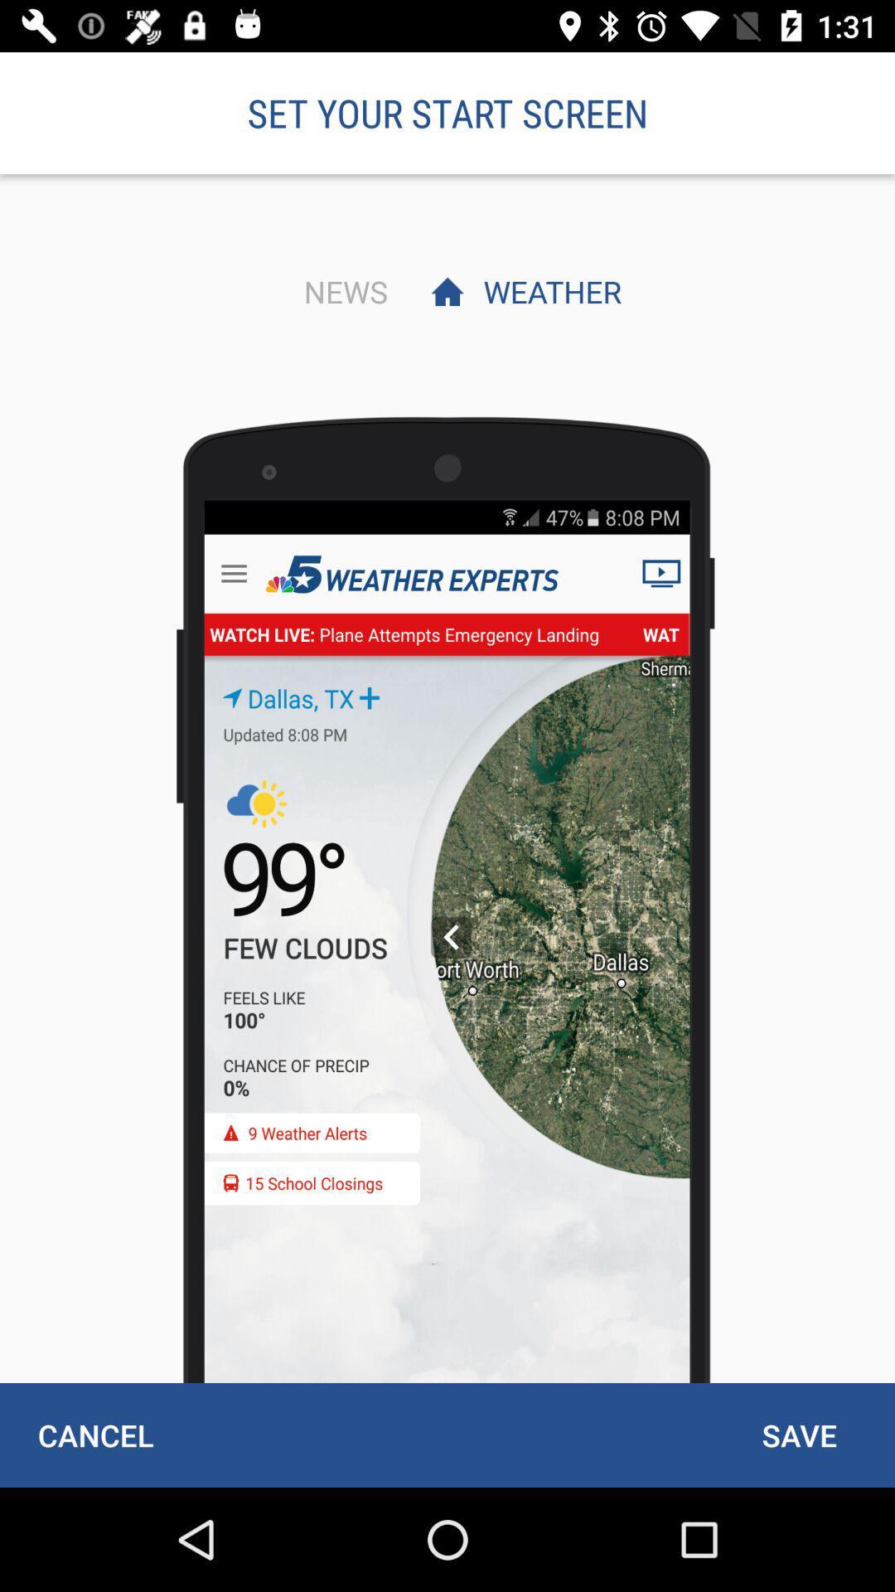  I want to click on the icon below set your start item, so click(548, 291).